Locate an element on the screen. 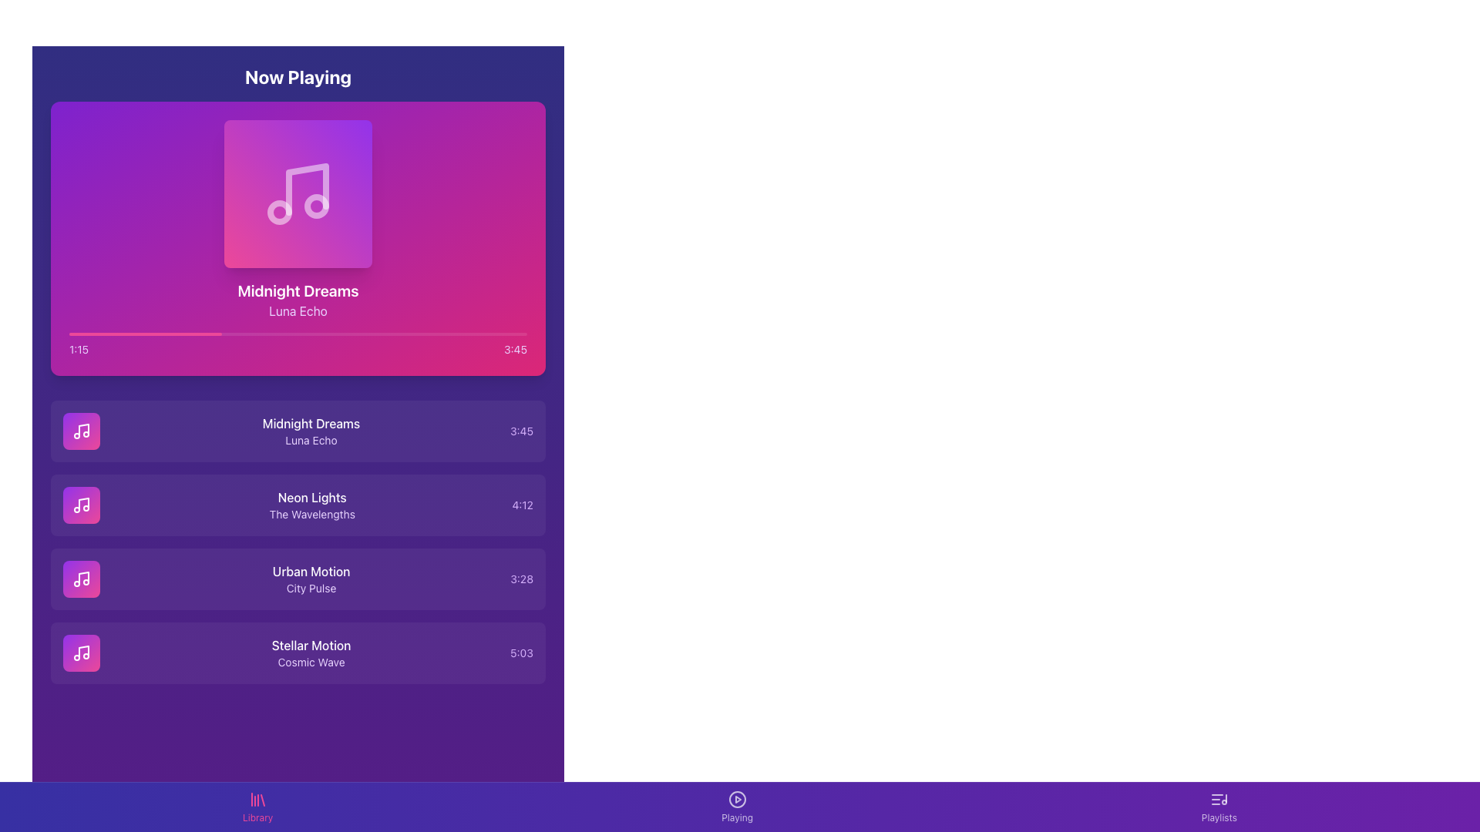  the static text label displaying the duration of the song 'Midnight Dreams' by 'Luna Echo', located at the far right of the entry is located at coordinates (521, 431).